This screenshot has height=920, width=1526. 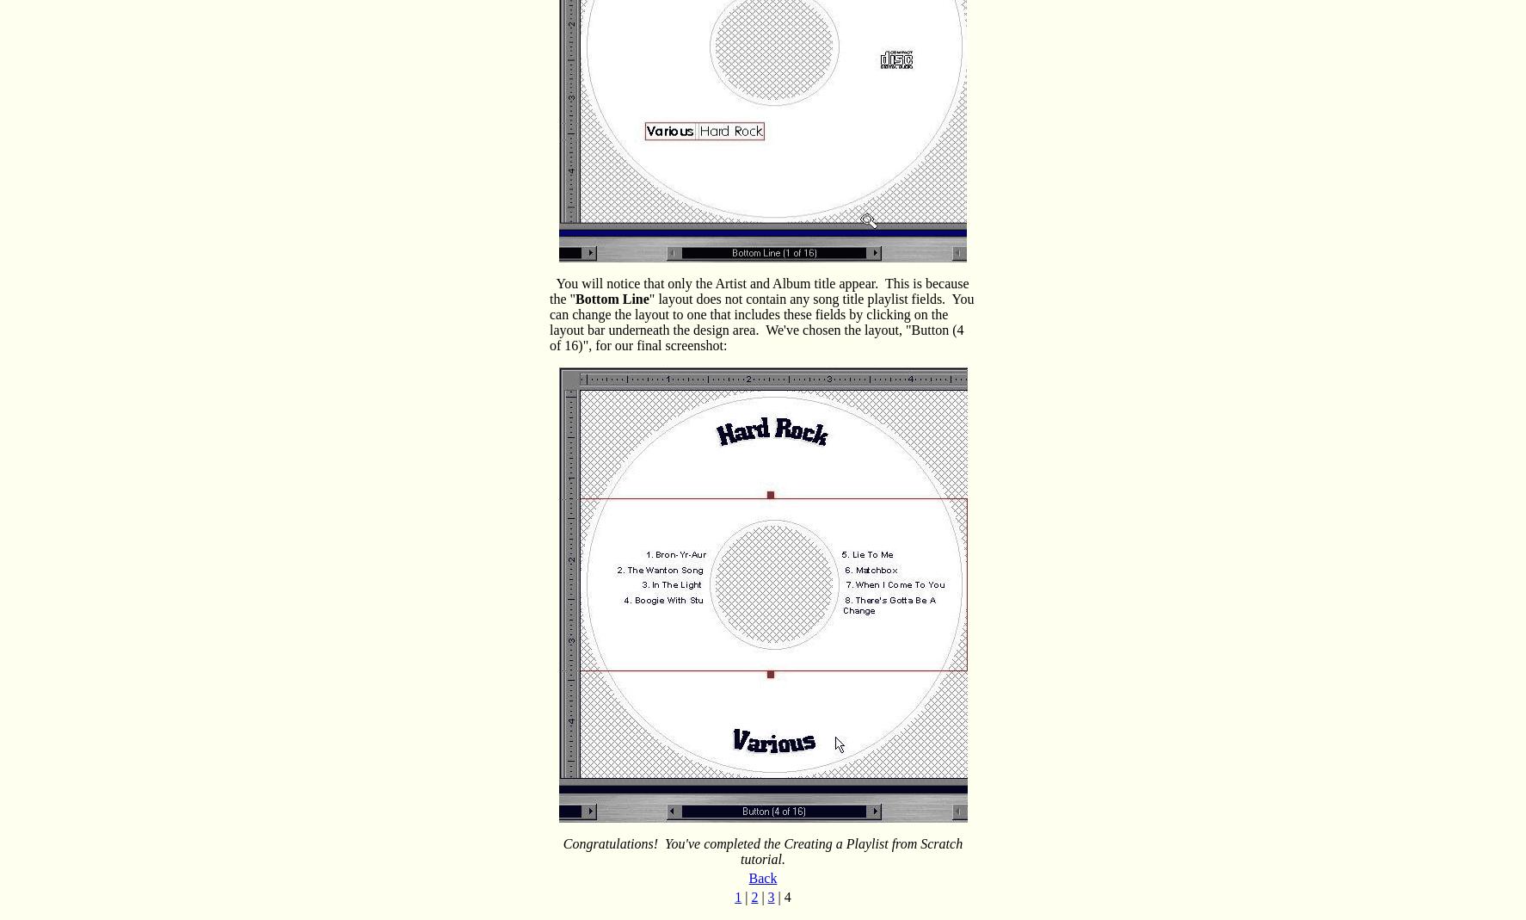 I want to click on '" 
        layout does not contain any song title playlist fields.  You can 
        change the layout to one that includes these fields by clicking on 
        the layout bar underneath the design area.  We've chosen the 
        layout, "Button (4 of 16)", for our final screenshot:', so click(x=761, y=322).